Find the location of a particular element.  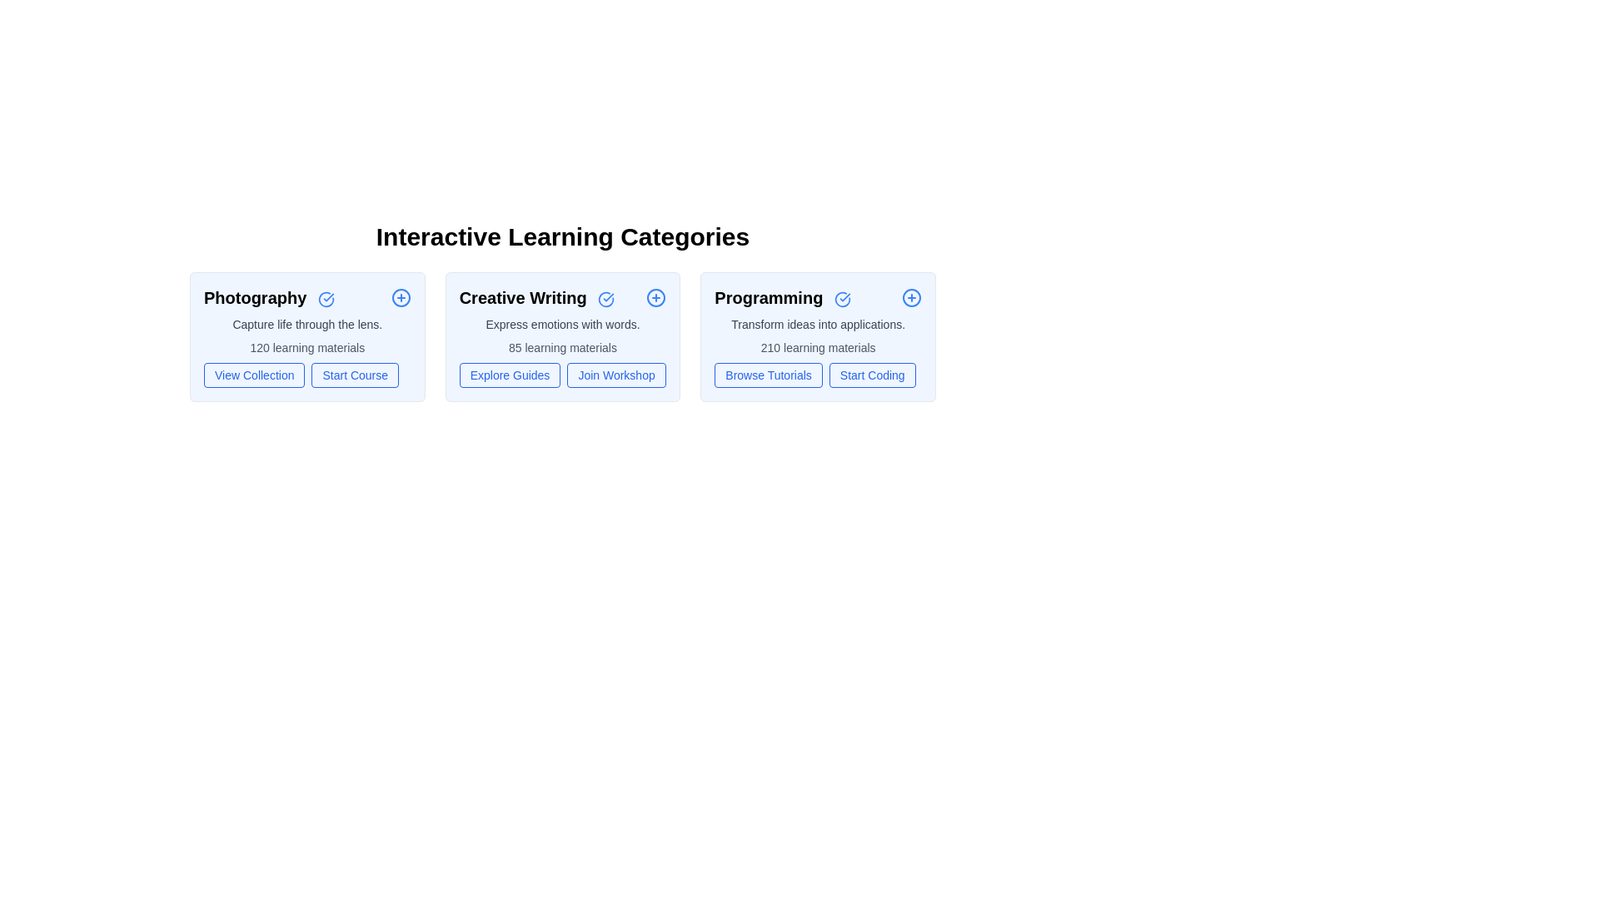

the plus icon next to the category title Creative Writing is located at coordinates (655, 297).